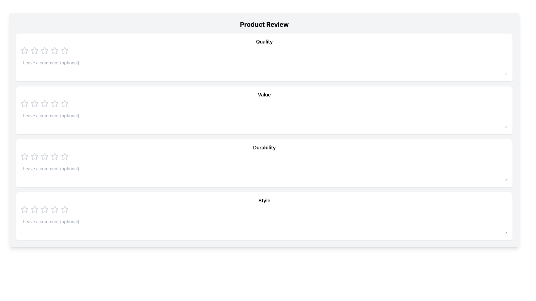 Image resolution: width=536 pixels, height=301 pixels. I want to click on the first star icon in the 'Style' review section, so click(34, 209).